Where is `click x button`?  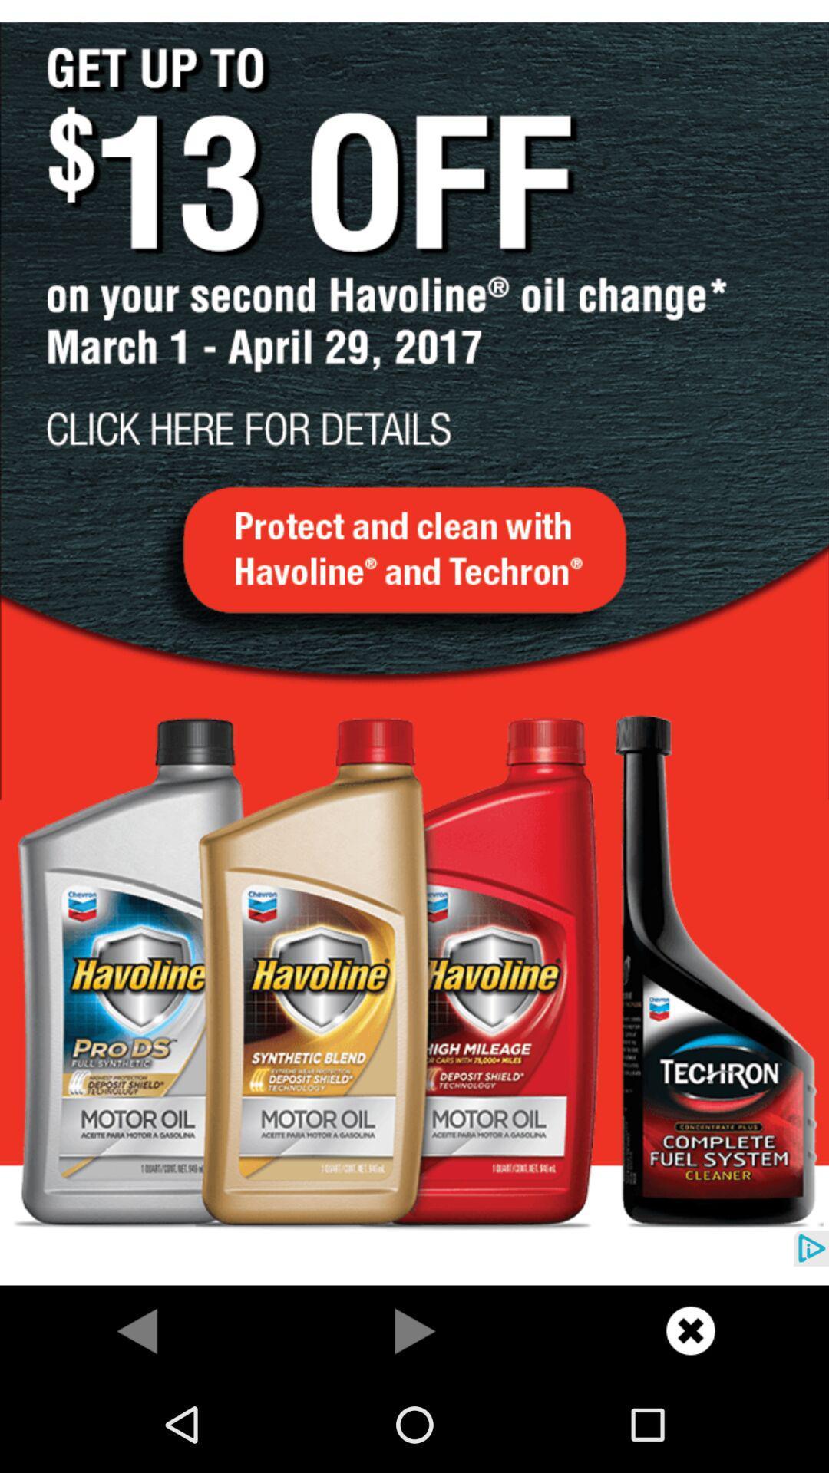
click x button is located at coordinates (689, 1330).